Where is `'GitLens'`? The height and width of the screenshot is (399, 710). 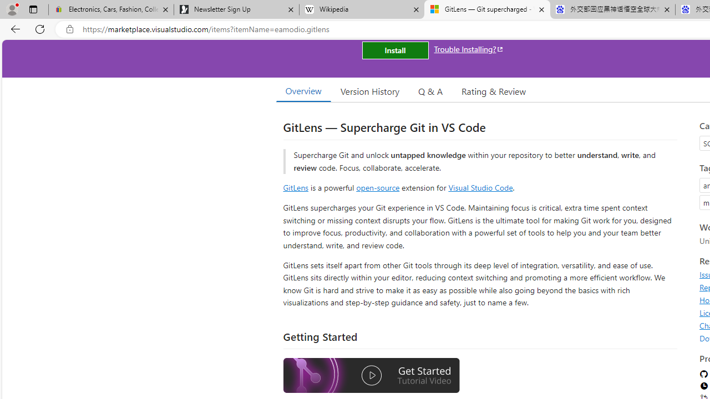 'GitLens' is located at coordinates (296, 187).